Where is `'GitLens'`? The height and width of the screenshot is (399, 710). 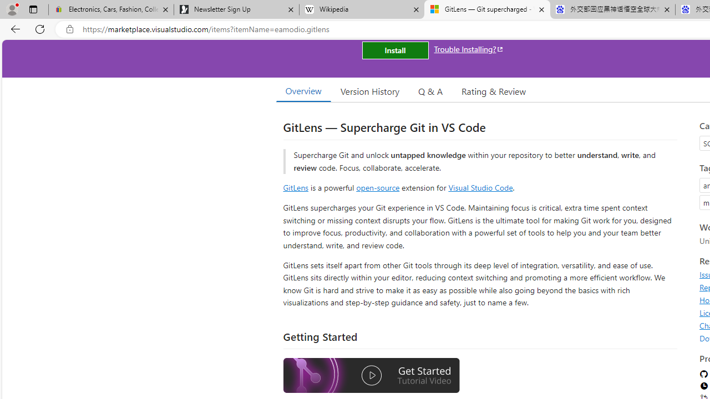 'GitLens' is located at coordinates (296, 187).